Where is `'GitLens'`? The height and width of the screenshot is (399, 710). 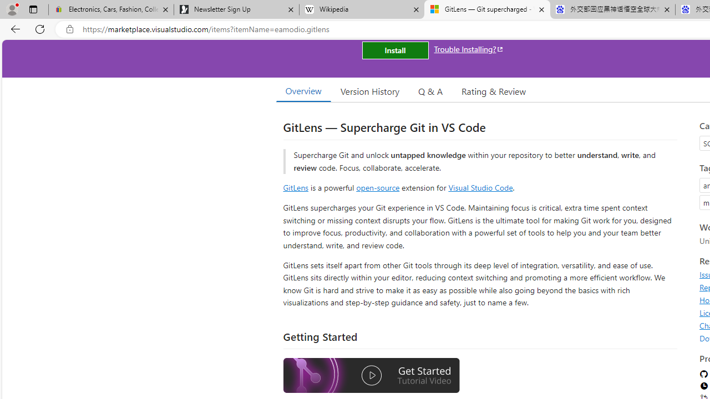 'GitLens' is located at coordinates (296, 187).